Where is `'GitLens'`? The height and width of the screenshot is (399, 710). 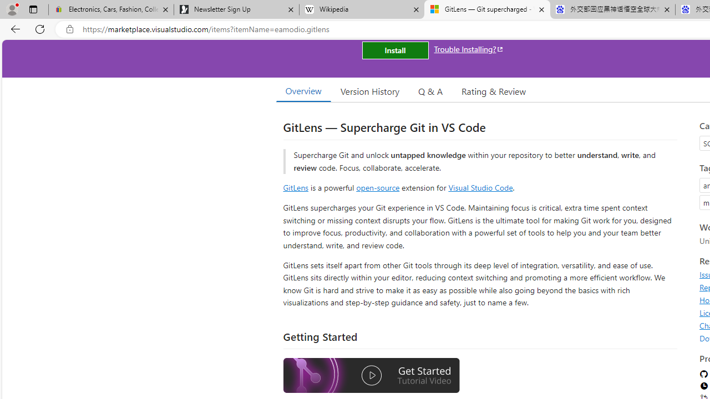 'GitLens' is located at coordinates (296, 187).